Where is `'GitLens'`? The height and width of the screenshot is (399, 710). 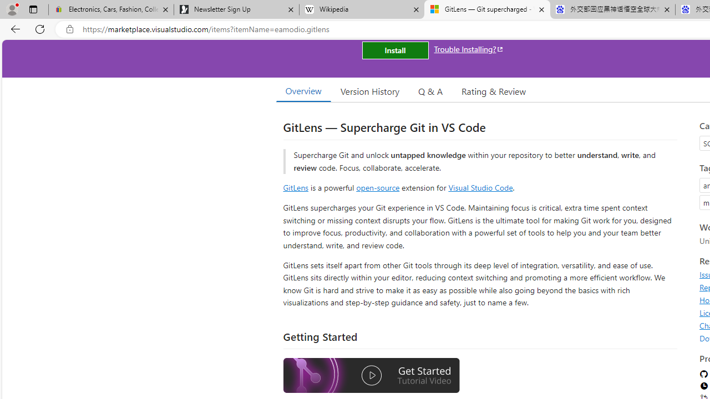 'GitLens' is located at coordinates (296, 187).